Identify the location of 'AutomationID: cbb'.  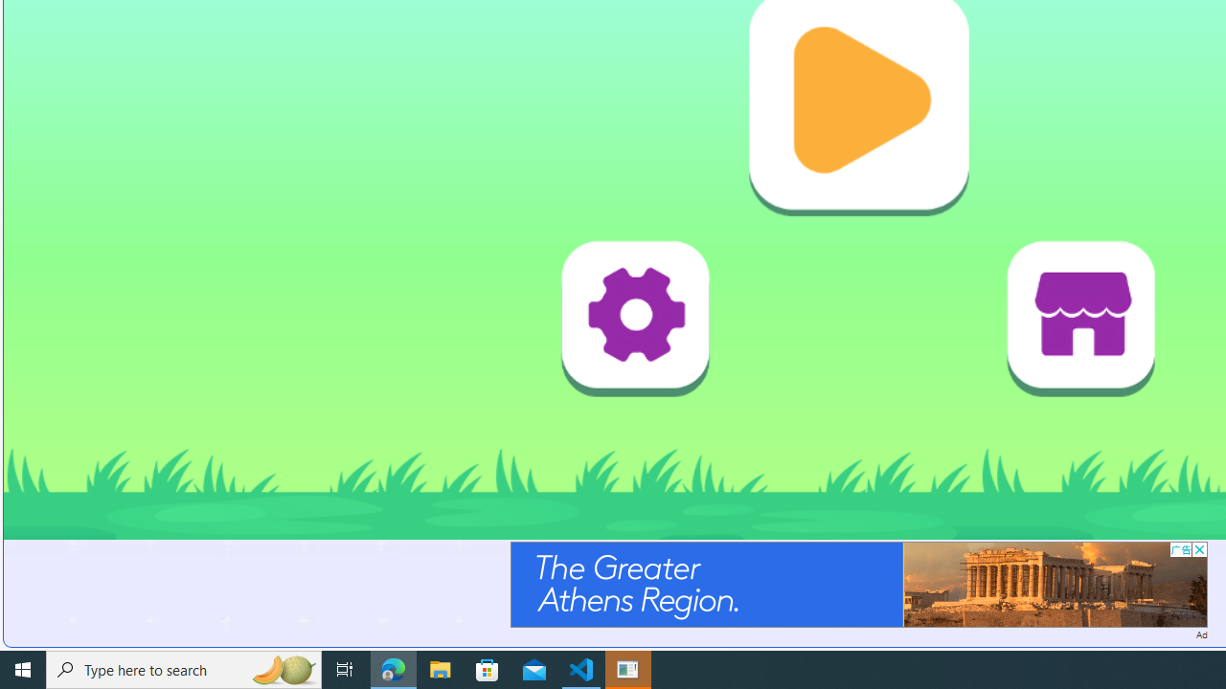
(1198, 549).